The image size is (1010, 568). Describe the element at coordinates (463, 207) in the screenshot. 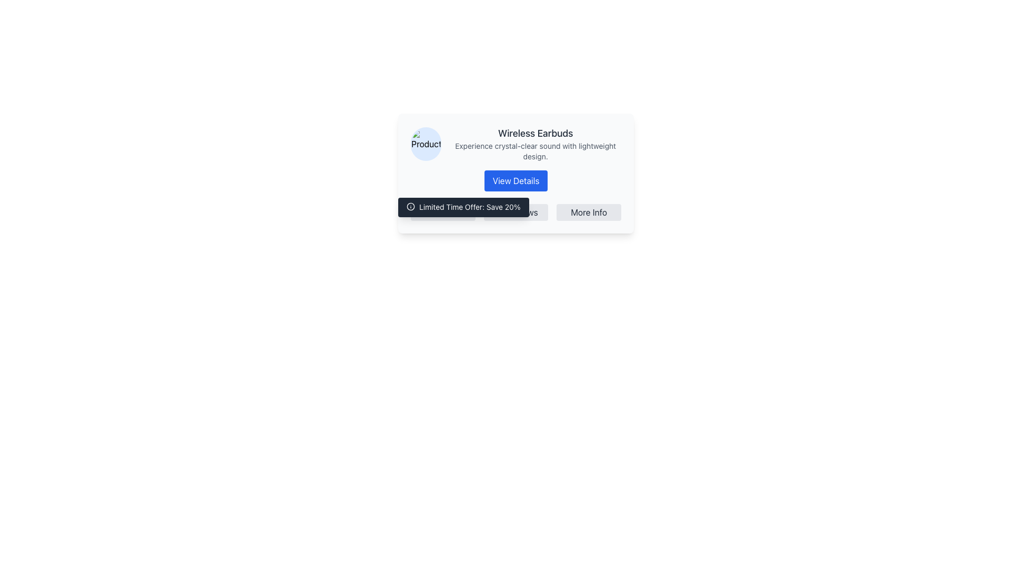

I see `the Informational notification box displaying 'Limited Time Offer: Save 20%'` at that location.